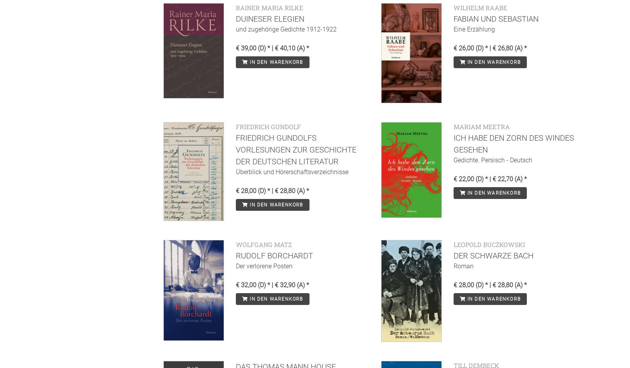 The image size is (630, 368). I want to click on '€ 22,00 (D) * | € 22,70 (A) *', so click(489, 178).